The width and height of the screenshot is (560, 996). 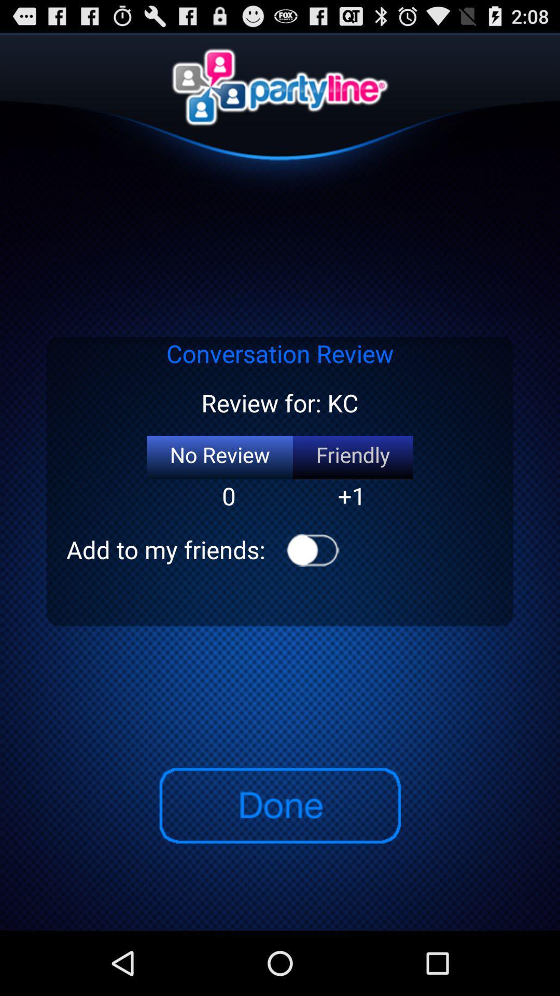 What do you see at coordinates (279, 805) in the screenshot?
I see `item at the bottom` at bounding box center [279, 805].